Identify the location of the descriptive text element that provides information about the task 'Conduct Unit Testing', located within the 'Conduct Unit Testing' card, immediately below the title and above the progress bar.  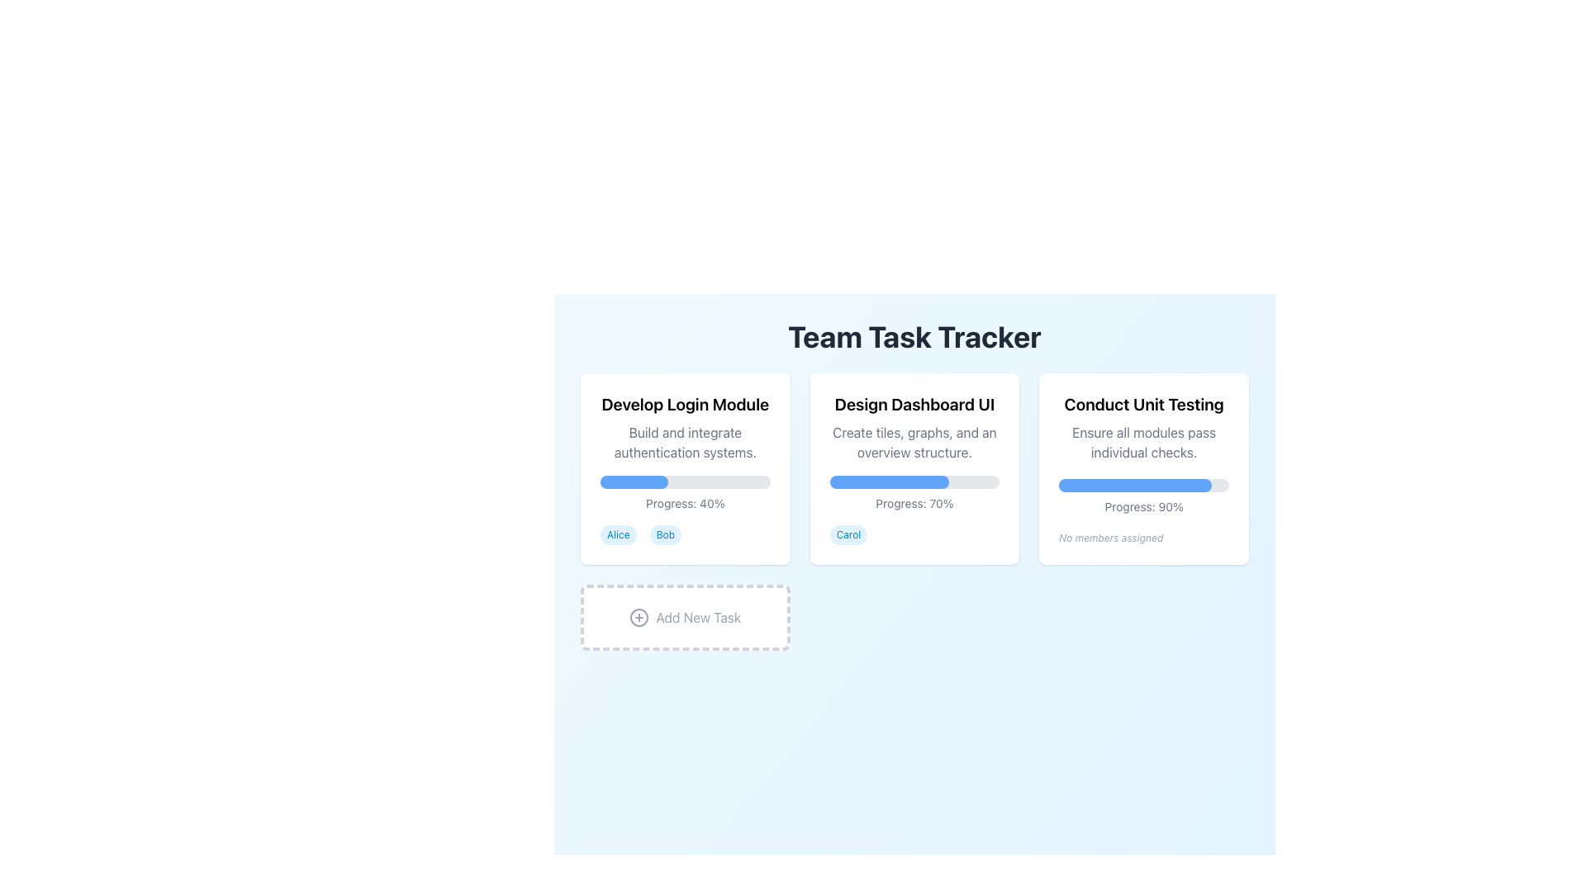
(1143, 442).